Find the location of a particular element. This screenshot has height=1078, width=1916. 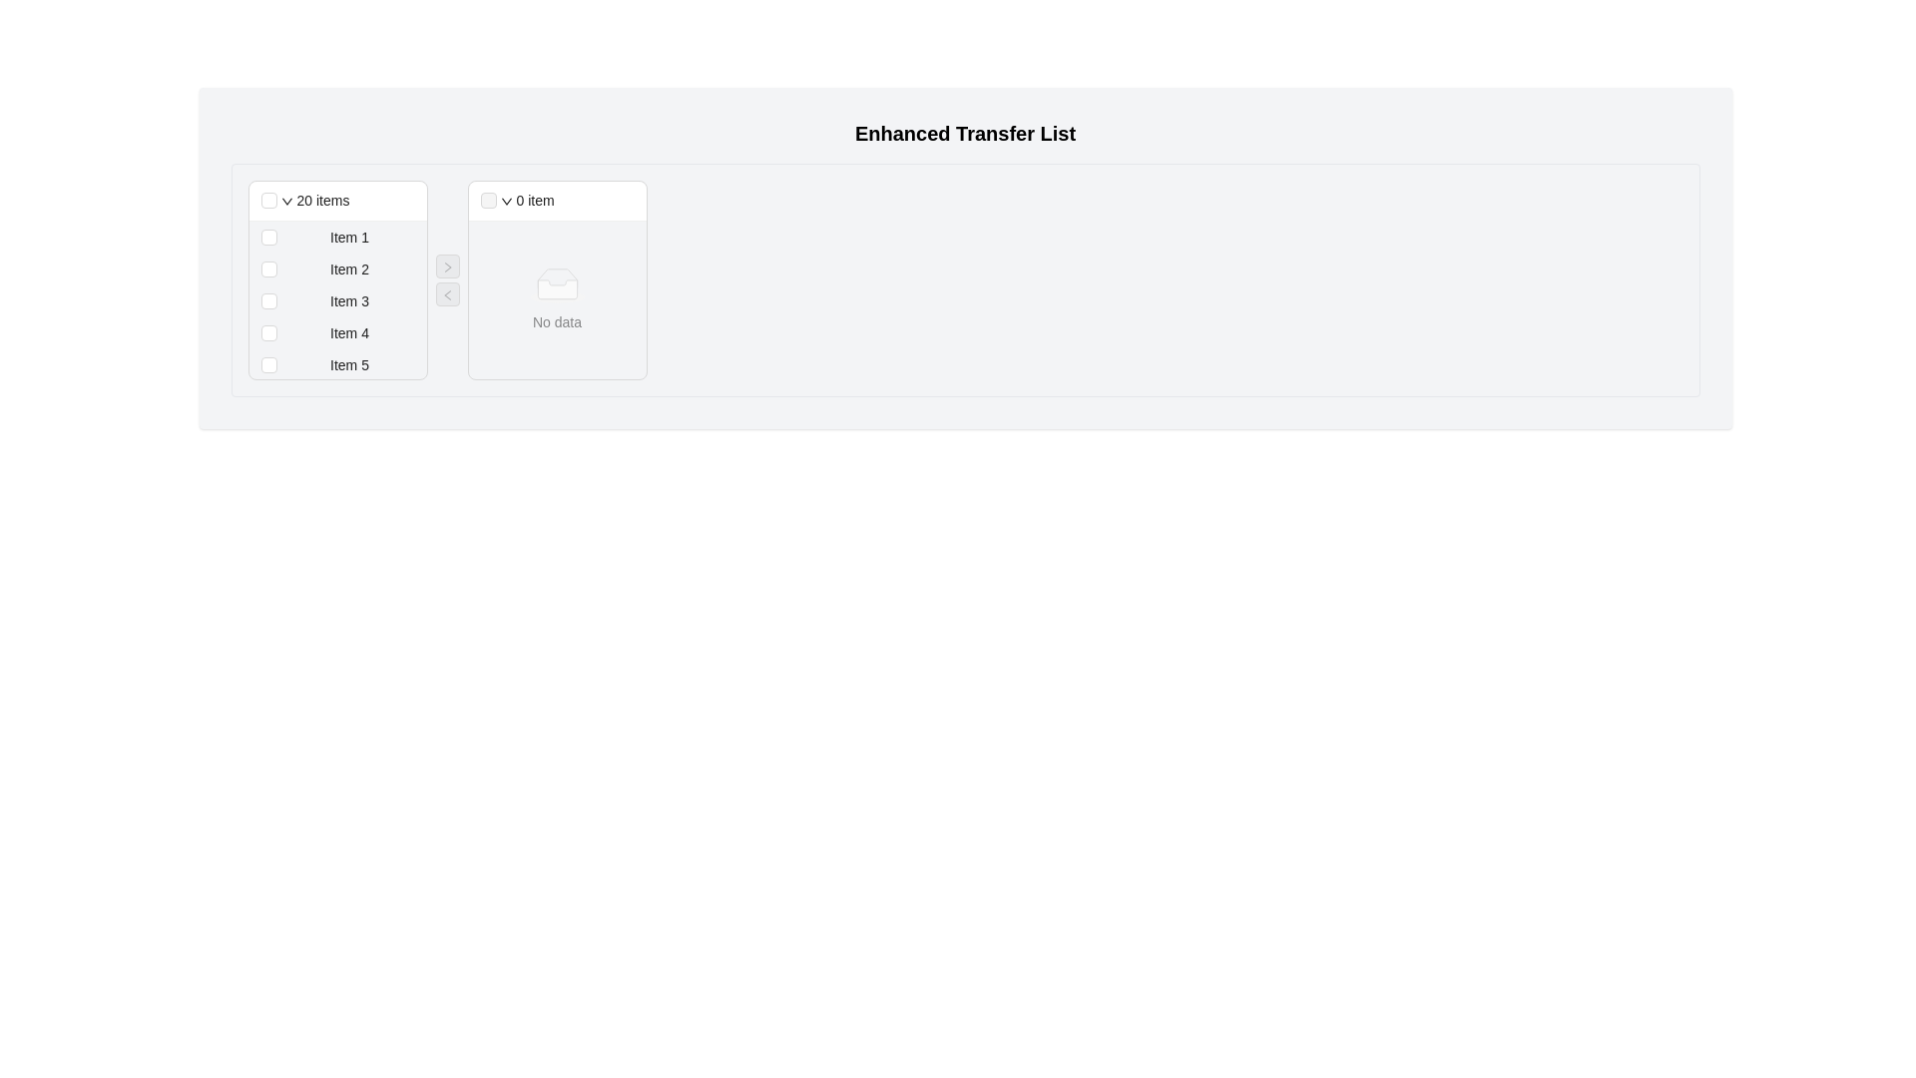

the button designed to transfer selected items from the right panel to the left panel is located at coordinates (446, 293).